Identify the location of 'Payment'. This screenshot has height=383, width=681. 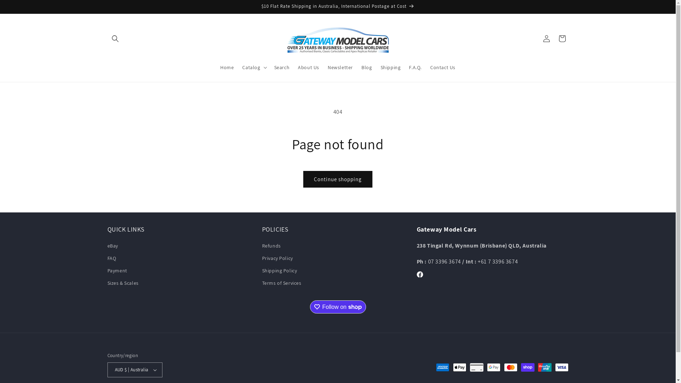
(117, 271).